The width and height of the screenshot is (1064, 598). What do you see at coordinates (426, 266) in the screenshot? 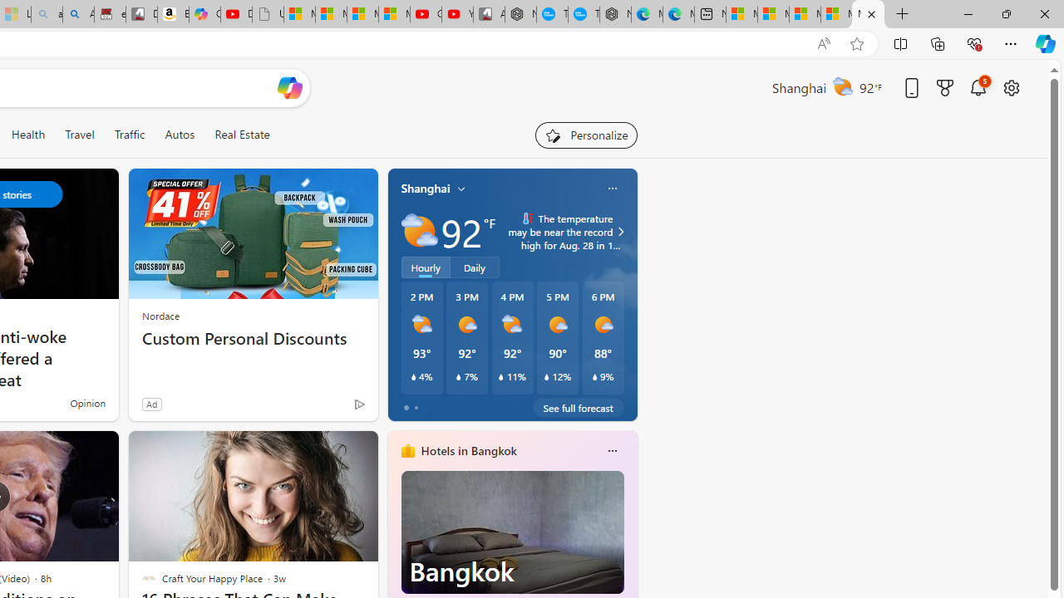
I see `'Hourly'` at bounding box center [426, 266].